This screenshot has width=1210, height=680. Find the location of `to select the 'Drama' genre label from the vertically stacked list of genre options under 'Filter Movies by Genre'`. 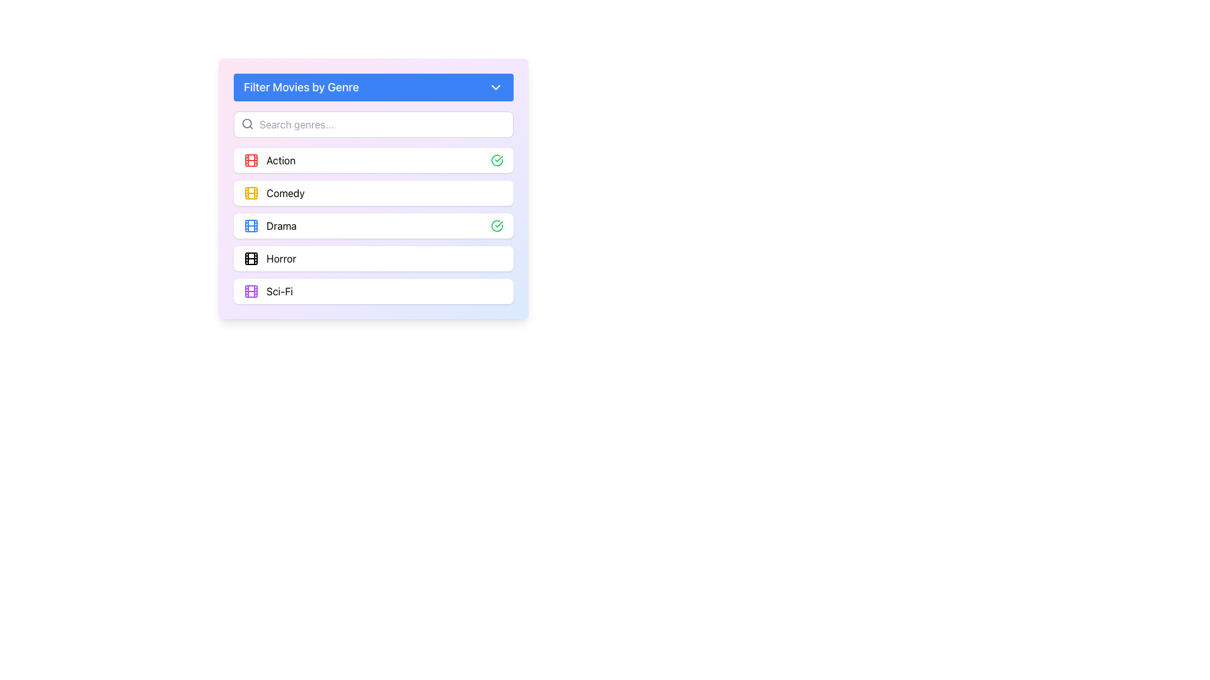

to select the 'Drama' genre label from the vertically stacked list of genre options under 'Filter Movies by Genre' is located at coordinates (269, 225).